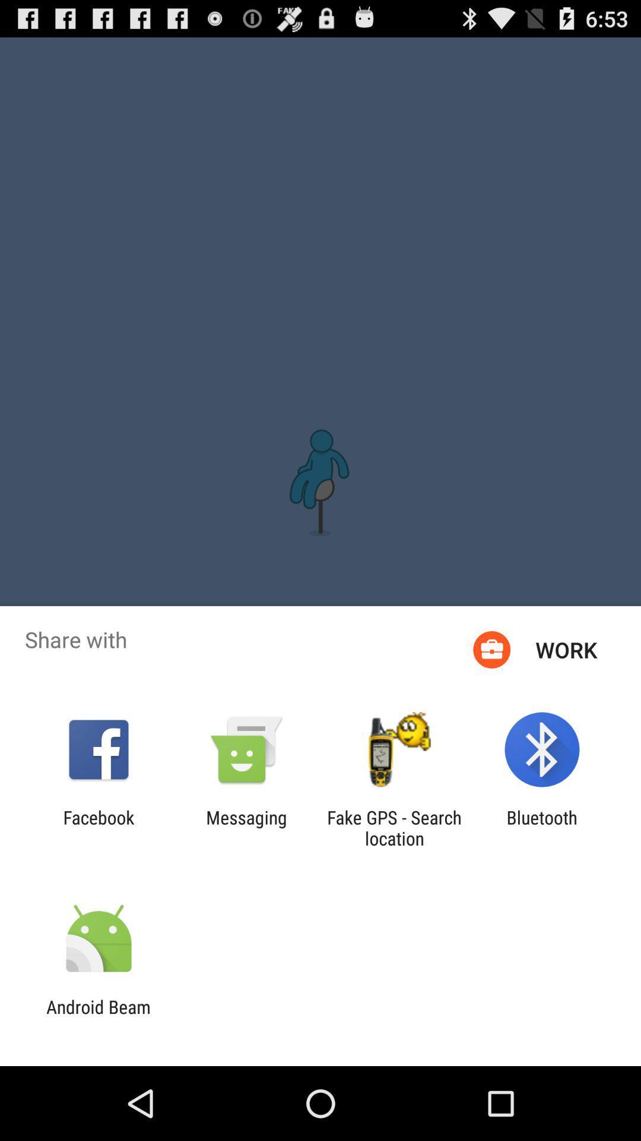 The width and height of the screenshot is (641, 1141). What do you see at coordinates (246, 827) in the screenshot?
I see `the messaging icon` at bounding box center [246, 827].